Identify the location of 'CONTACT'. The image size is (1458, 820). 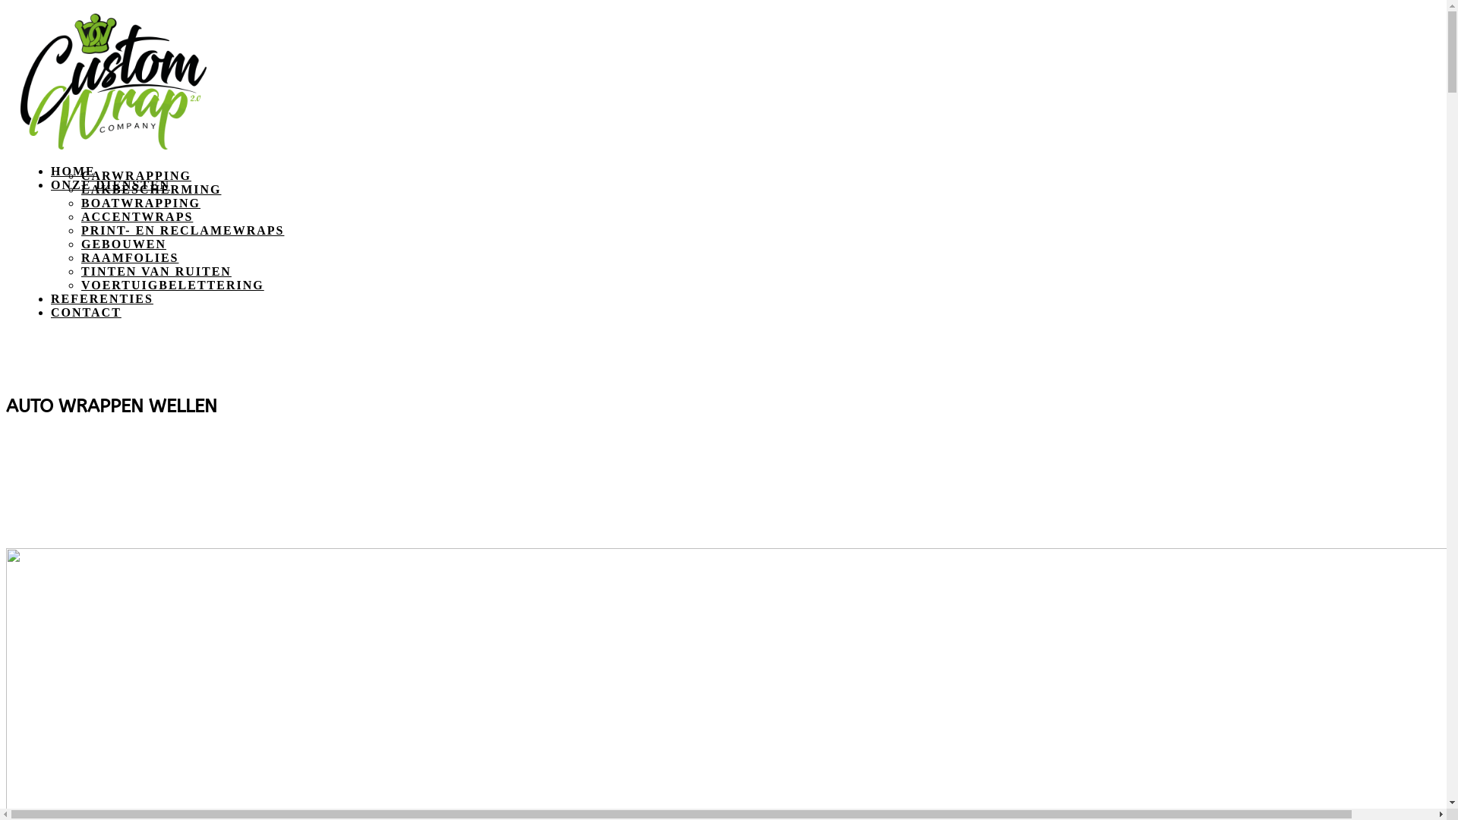
(85, 311).